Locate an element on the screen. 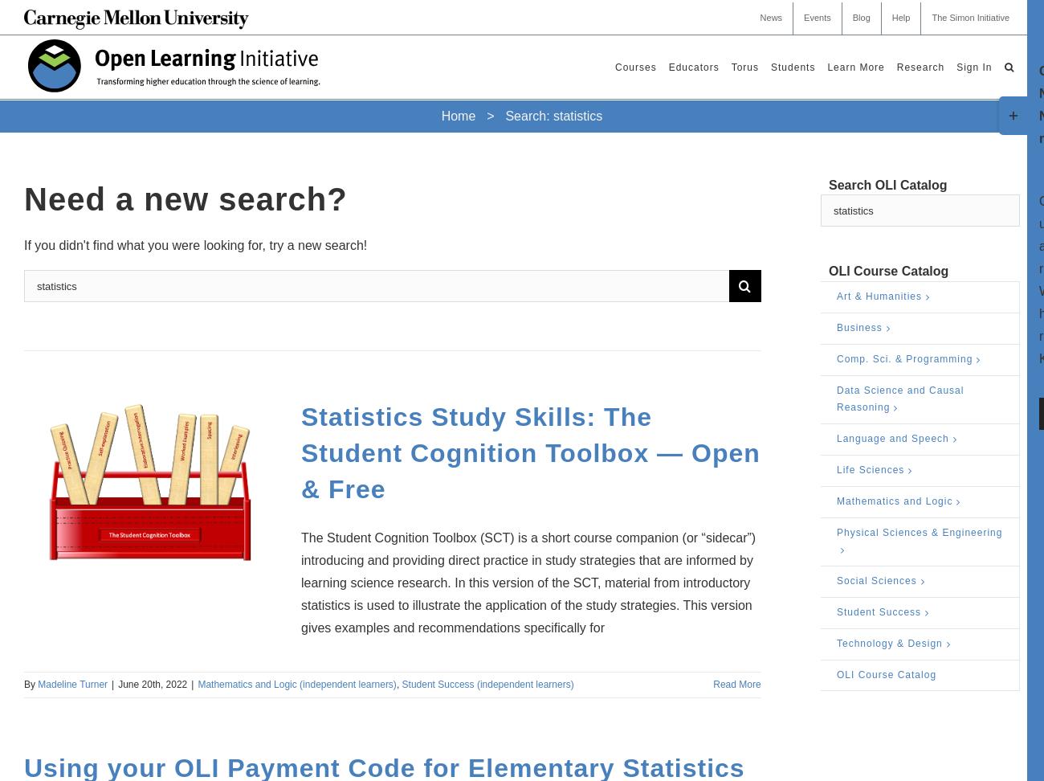 Image resolution: width=1044 pixels, height=781 pixels. 'Student Success' is located at coordinates (878, 611).